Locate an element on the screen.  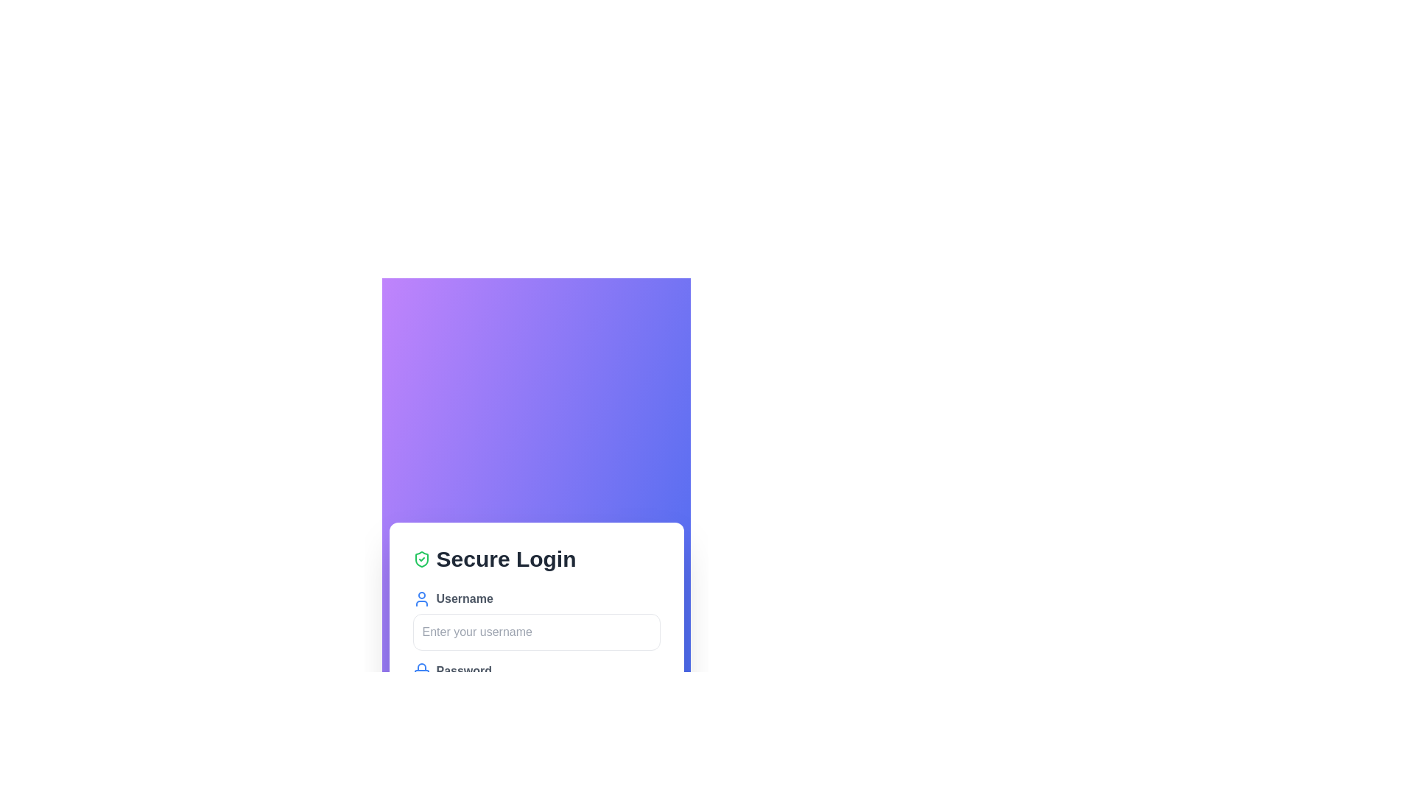
the user profile icon located to the far left of the 'Username' field, which enhances UI recognition is located at coordinates (421, 598).